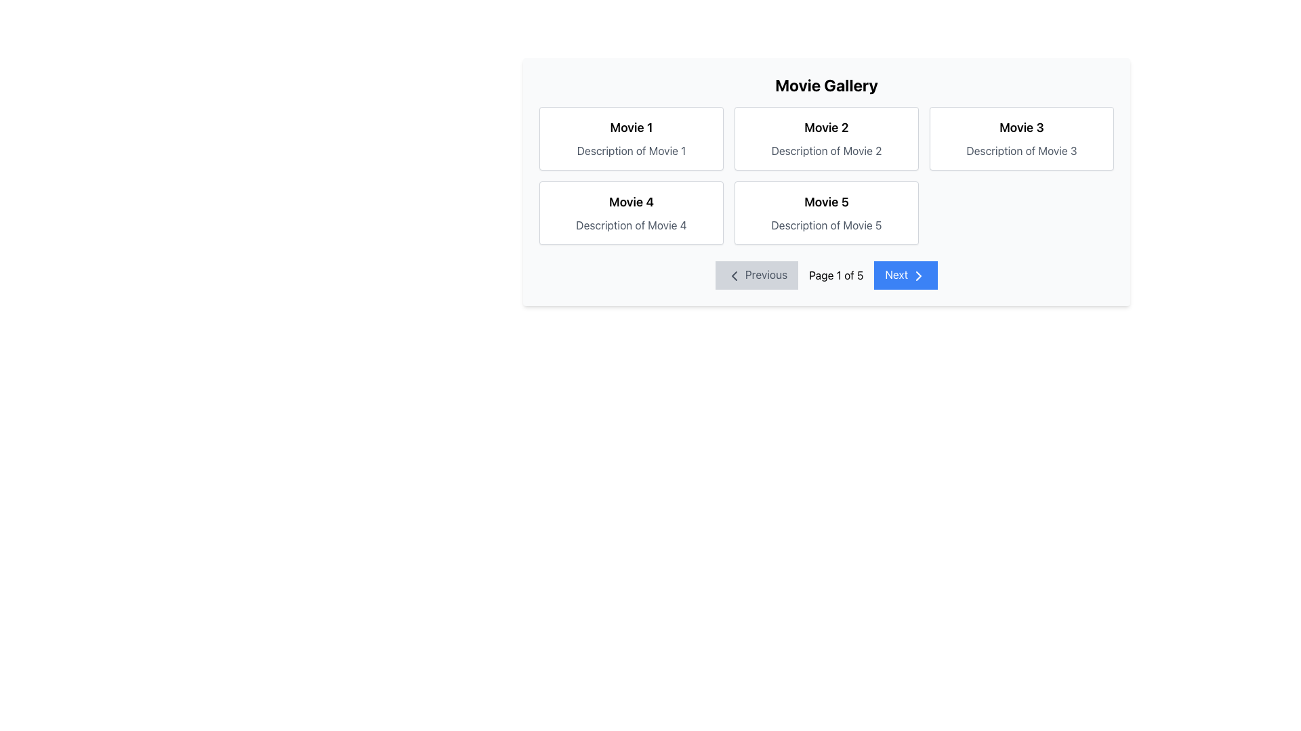 The width and height of the screenshot is (1301, 731). I want to click on the 'Previous' button with a leftward arrow icon, so click(756, 274).